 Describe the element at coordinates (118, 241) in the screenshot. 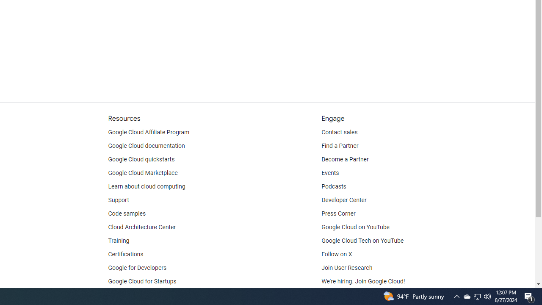

I see `'Training'` at that location.